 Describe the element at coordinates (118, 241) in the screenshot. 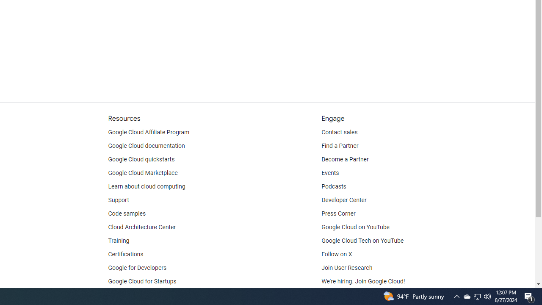

I see `'Training'` at that location.